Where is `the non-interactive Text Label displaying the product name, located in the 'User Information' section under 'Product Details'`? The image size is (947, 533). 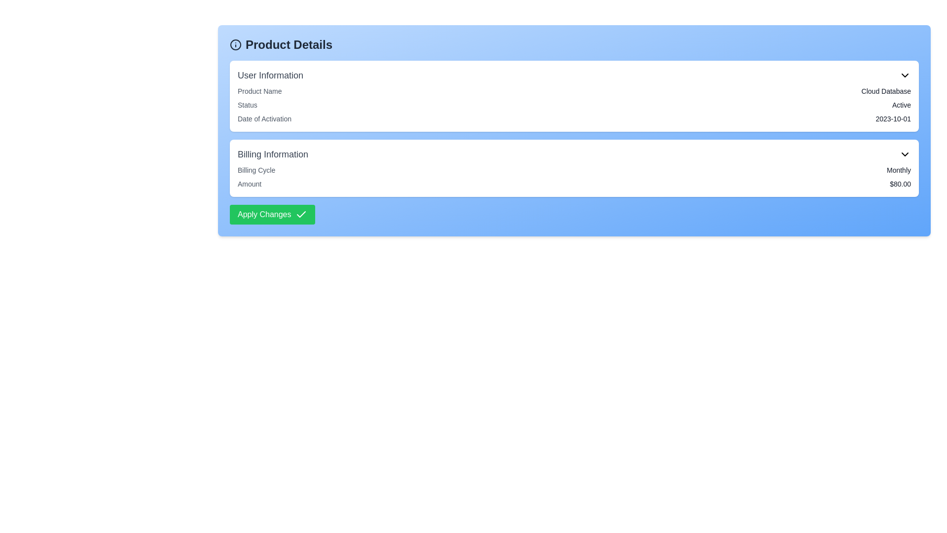 the non-interactive Text Label displaying the product name, located in the 'User Information' section under 'Product Details' is located at coordinates (886, 91).